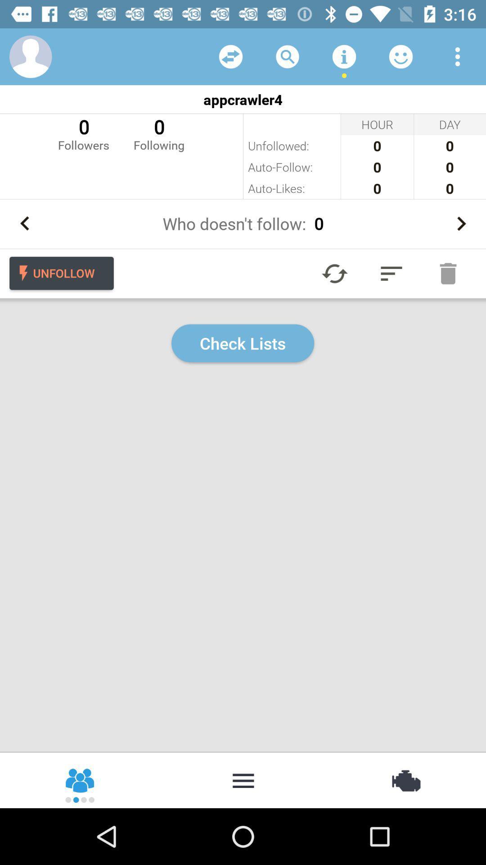 This screenshot has height=865, width=486. Describe the element at coordinates (448, 273) in the screenshot. I see `the delete icon` at that location.